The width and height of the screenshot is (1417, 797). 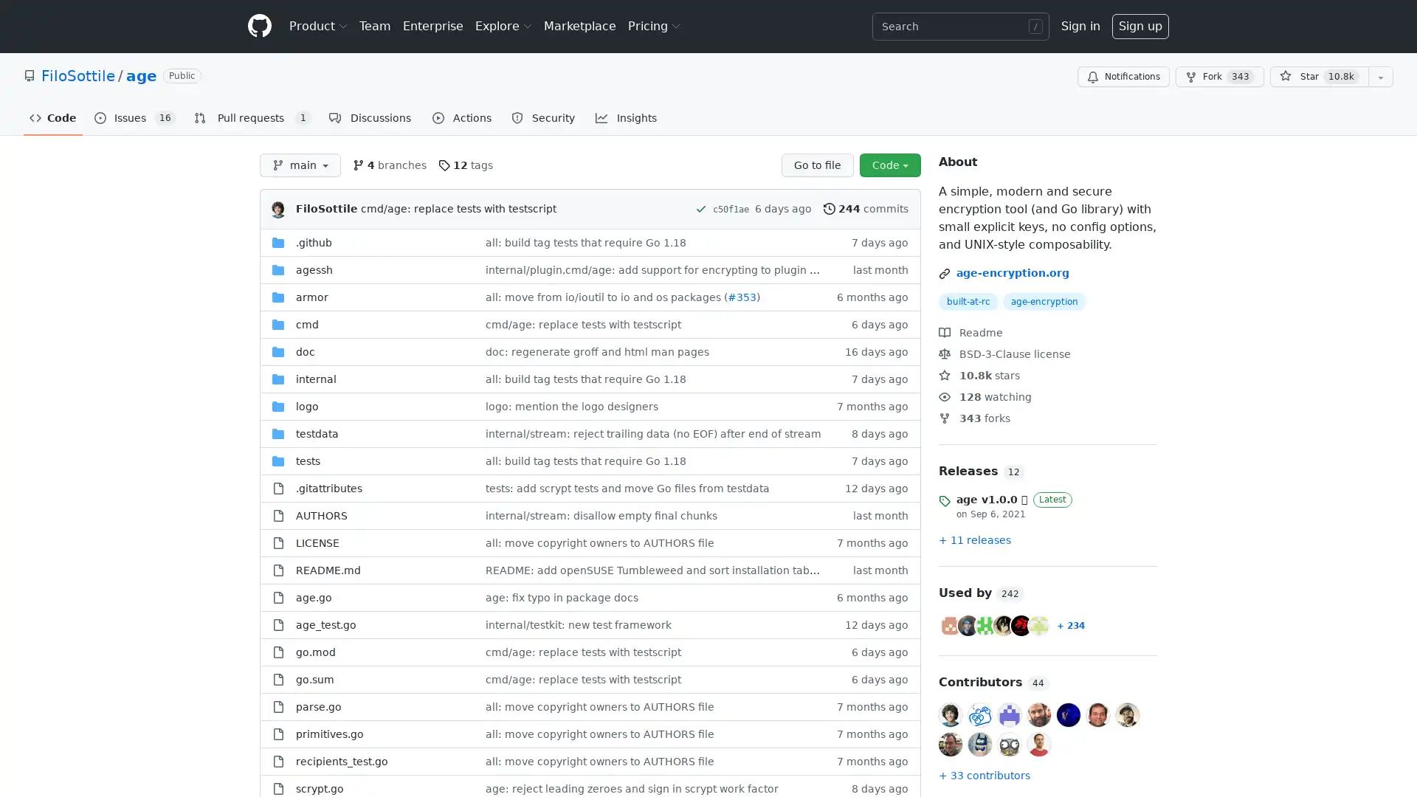 What do you see at coordinates (1380, 77) in the screenshot?
I see `You must be signed in to add this repository to a list` at bounding box center [1380, 77].